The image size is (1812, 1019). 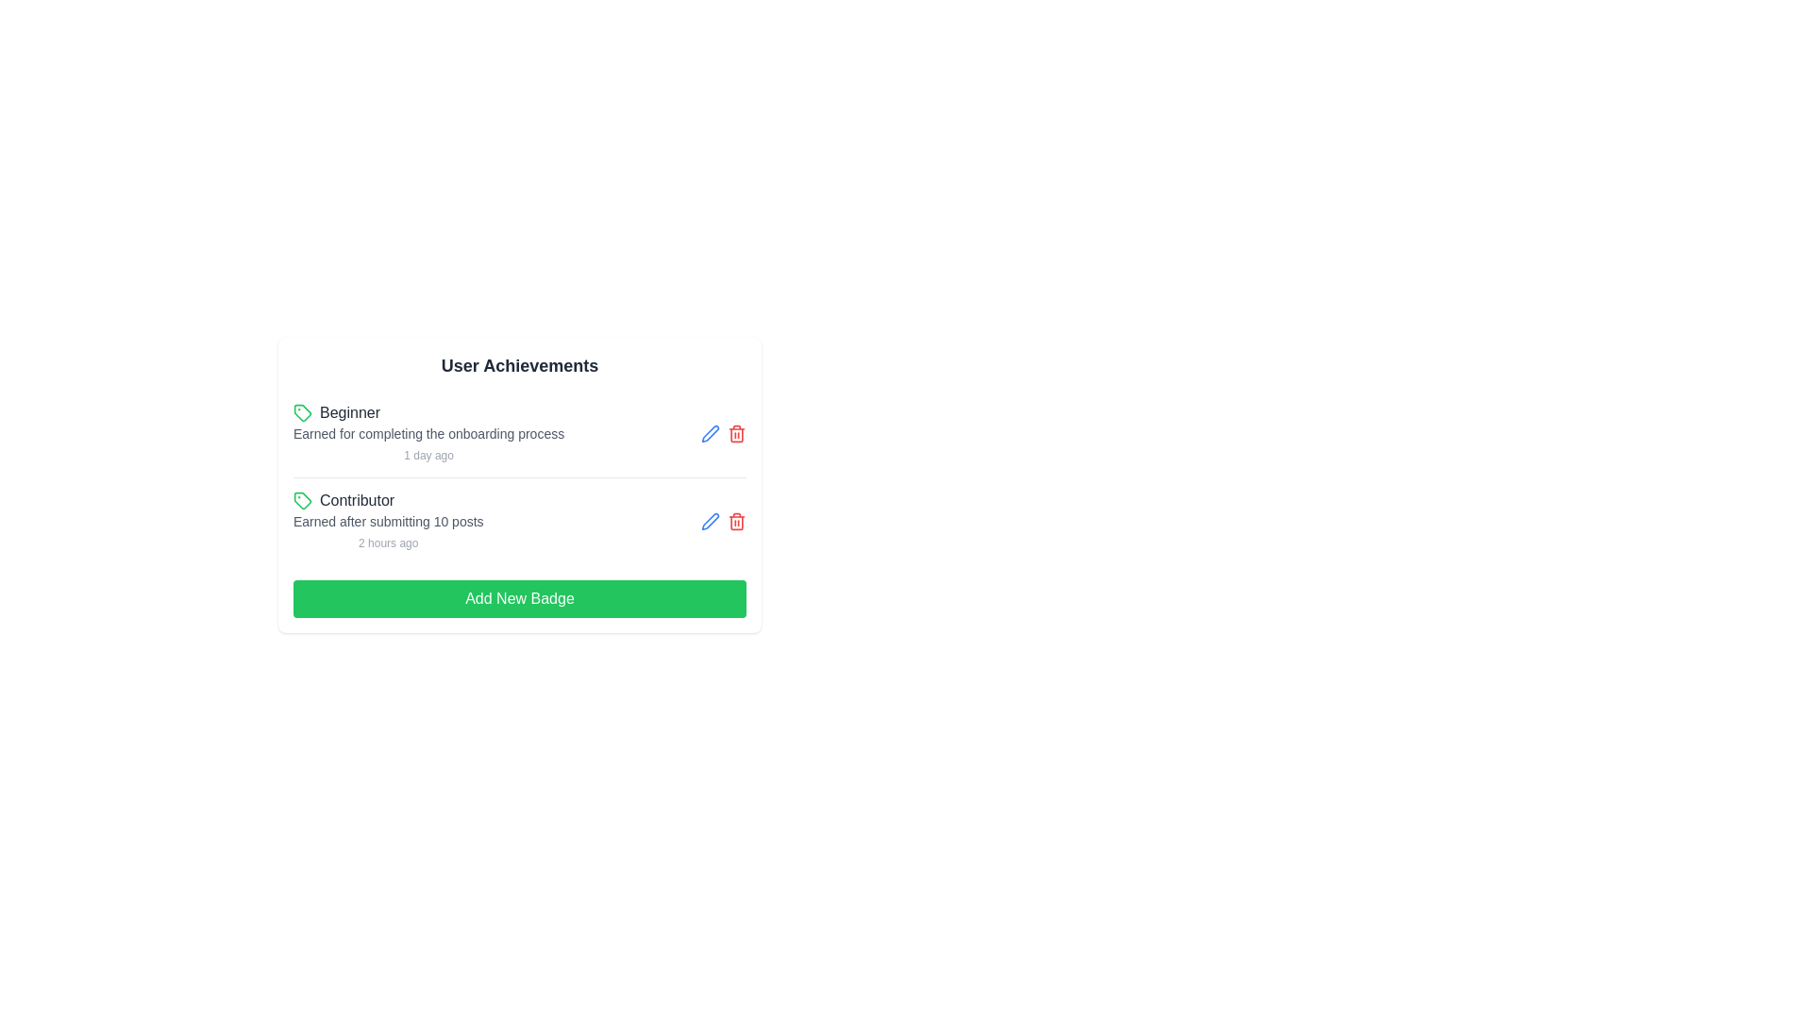 What do you see at coordinates (428, 433) in the screenshot?
I see `the 'Beginner' Achievement Display Entry located in the 'User Achievements' section to interact with it, if interactive behavior is added` at bounding box center [428, 433].